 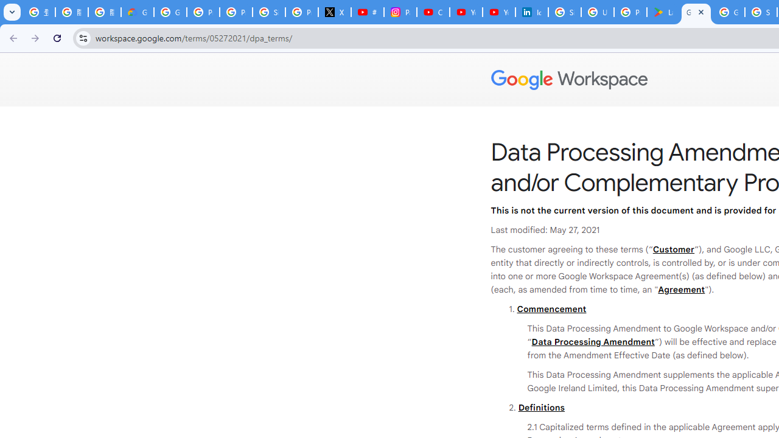 What do you see at coordinates (335, 12) in the screenshot?
I see `'X'` at bounding box center [335, 12].